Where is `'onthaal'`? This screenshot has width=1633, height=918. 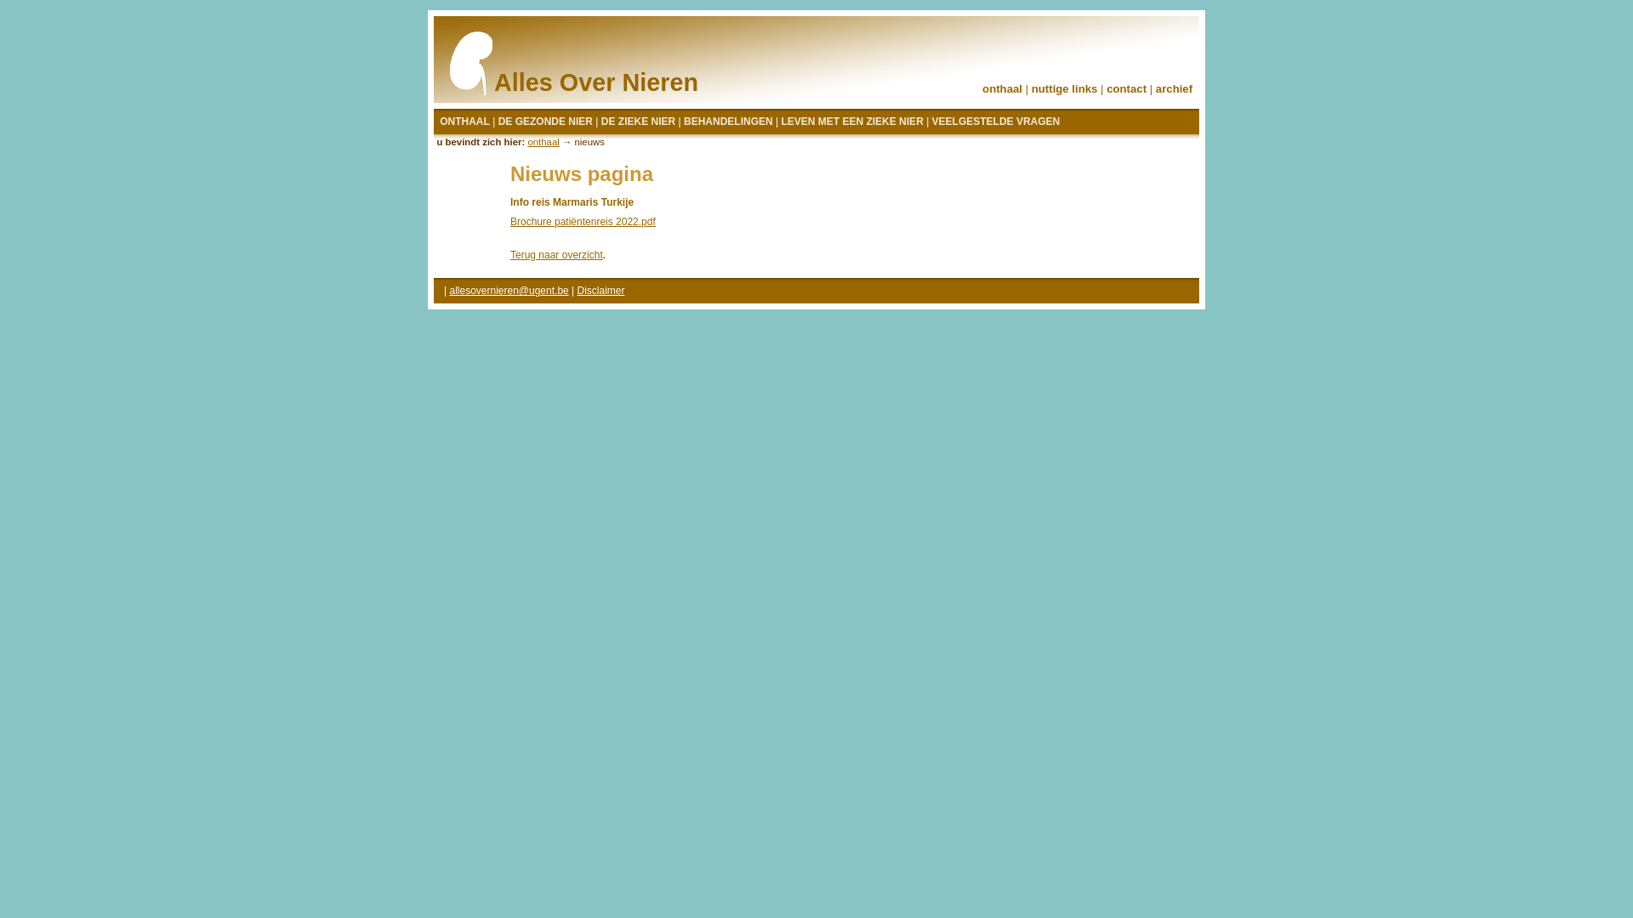 'onthaal' is located at coordinates (526, 140).